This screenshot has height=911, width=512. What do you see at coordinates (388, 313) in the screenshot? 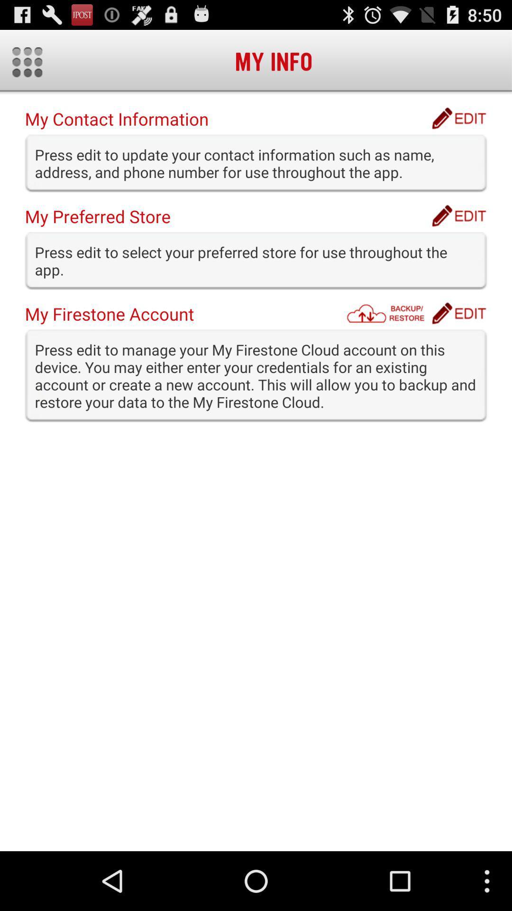
I see `the item below press edit to item` at bounding box center [388, 313].